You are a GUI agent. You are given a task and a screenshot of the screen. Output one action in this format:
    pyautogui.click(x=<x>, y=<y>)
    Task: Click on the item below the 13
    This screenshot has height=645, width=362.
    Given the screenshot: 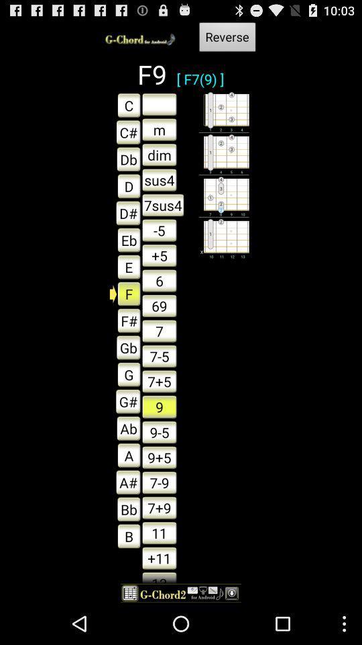 What is the action you would take?
    pyautogui.click(x=181, y=592)
    